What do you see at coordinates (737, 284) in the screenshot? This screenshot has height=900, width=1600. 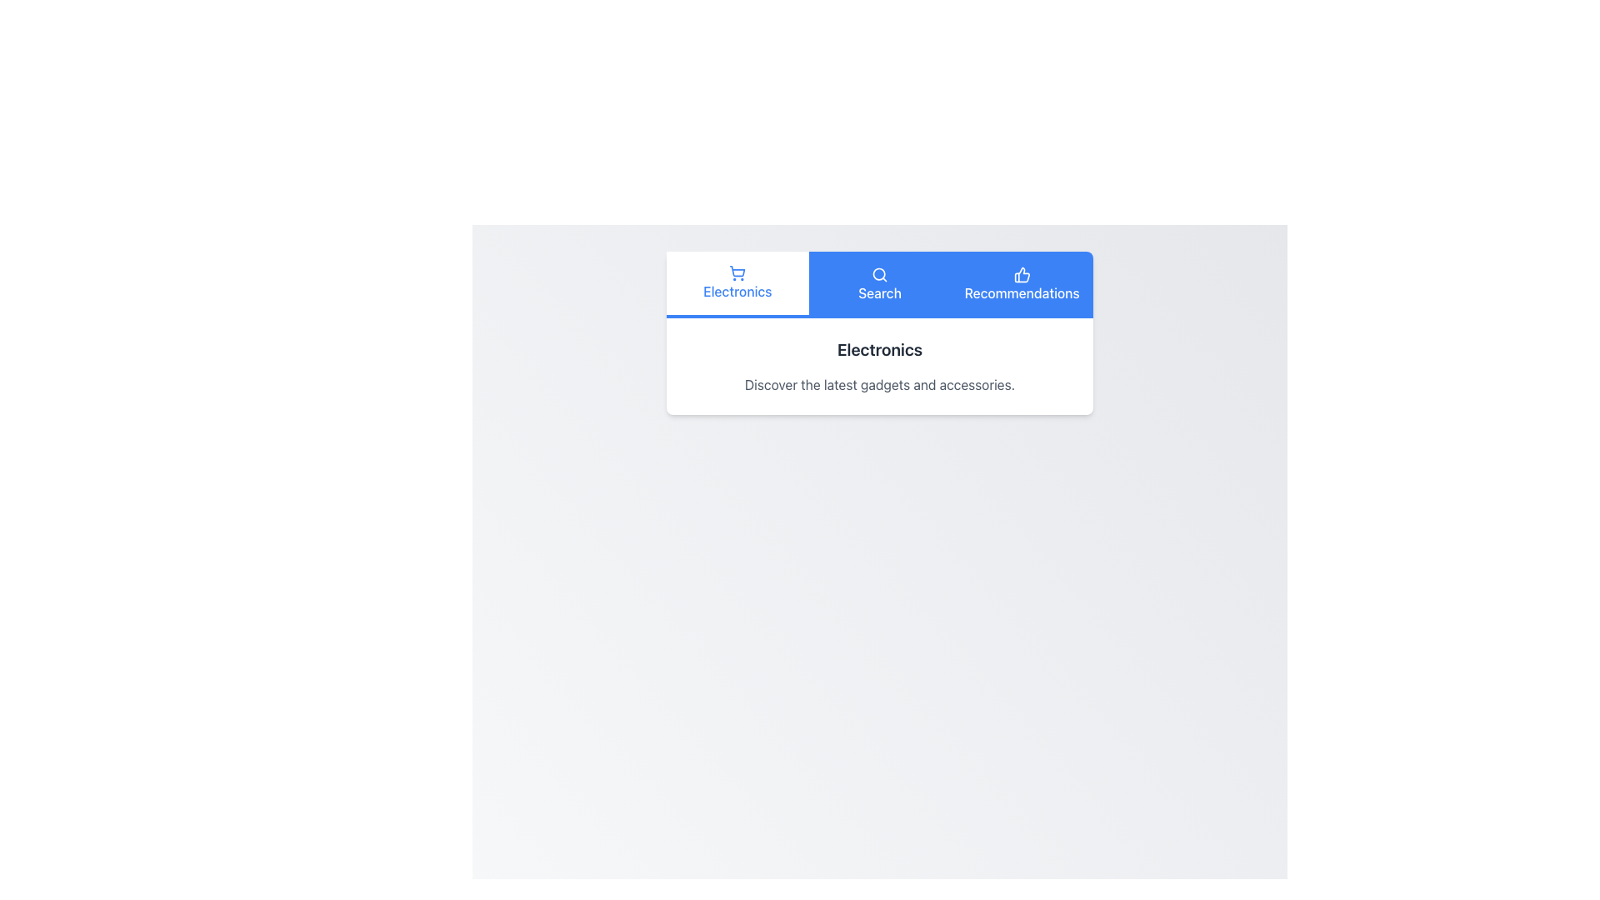 I see `the 'Electronics' button, which is the first button in a horizontal alignment with blue text and a shopping cart icon` at bounding box center [737, 284].